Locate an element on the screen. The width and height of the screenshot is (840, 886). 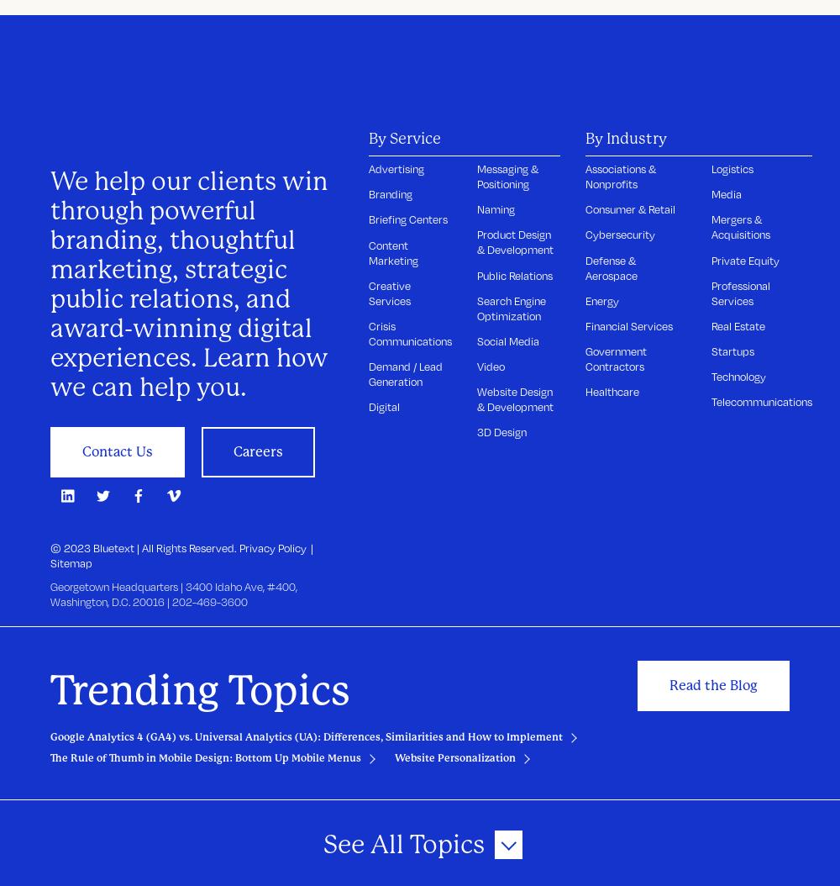
'Healthcare' is located at coordinates (612, 391).